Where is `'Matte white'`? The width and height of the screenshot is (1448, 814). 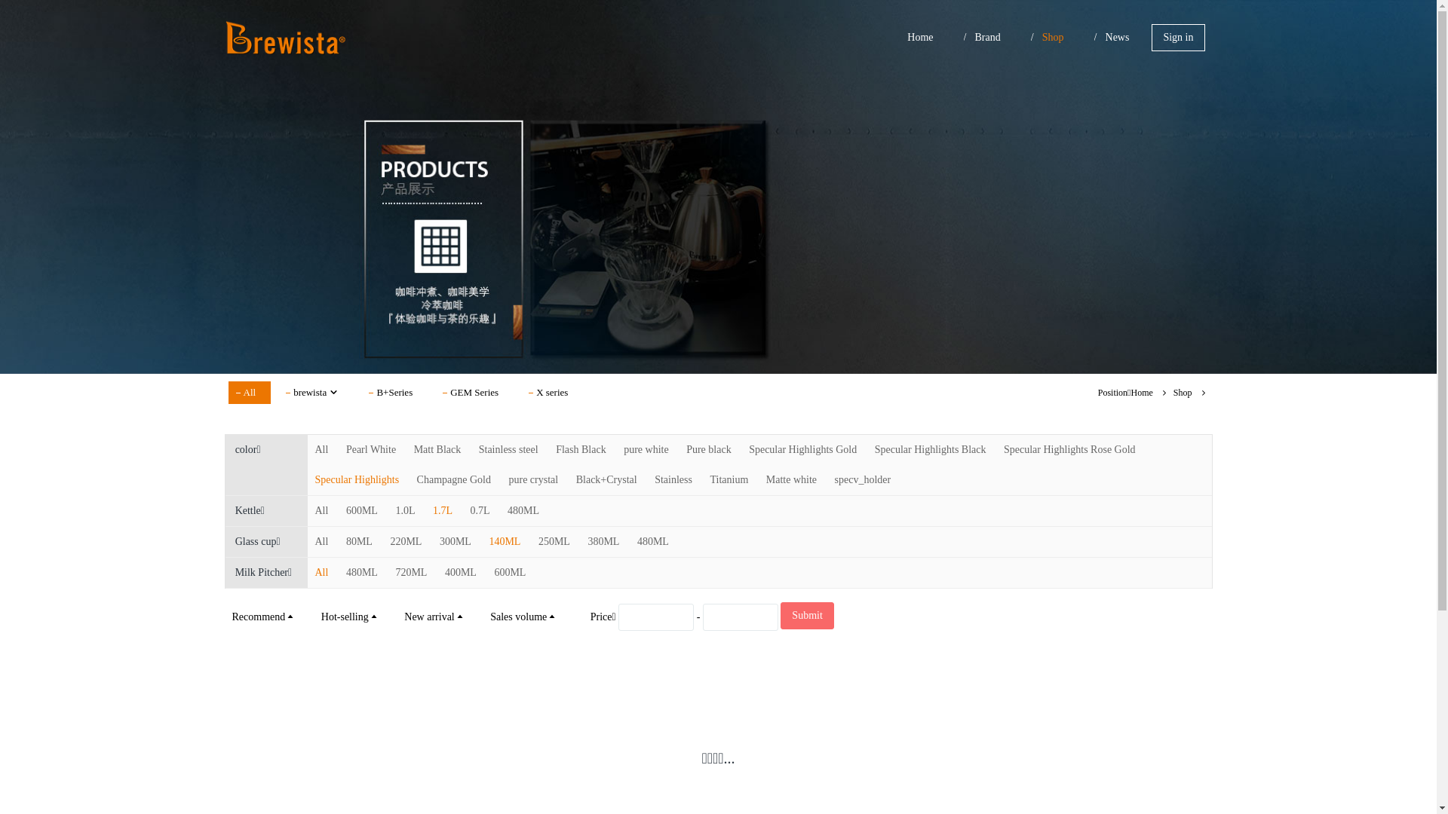
'Matte white' is located at coordinates (790, 479).